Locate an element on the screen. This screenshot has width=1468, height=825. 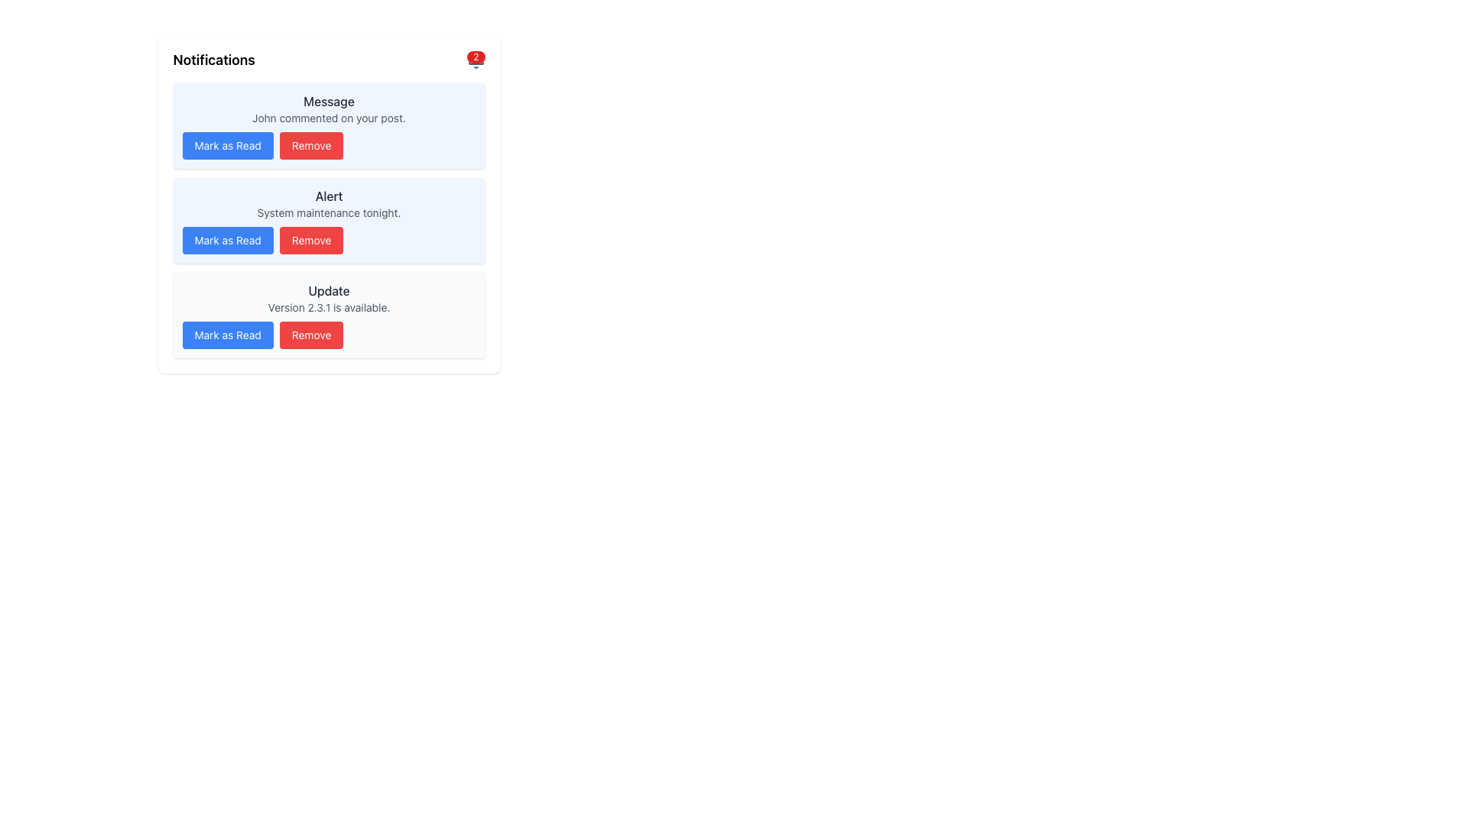
the text element that informs users about the new update, specifically mentioning the version number, positioned in the third notification box below 'Alert' on the notification panel is located at coordinates (328, 298).